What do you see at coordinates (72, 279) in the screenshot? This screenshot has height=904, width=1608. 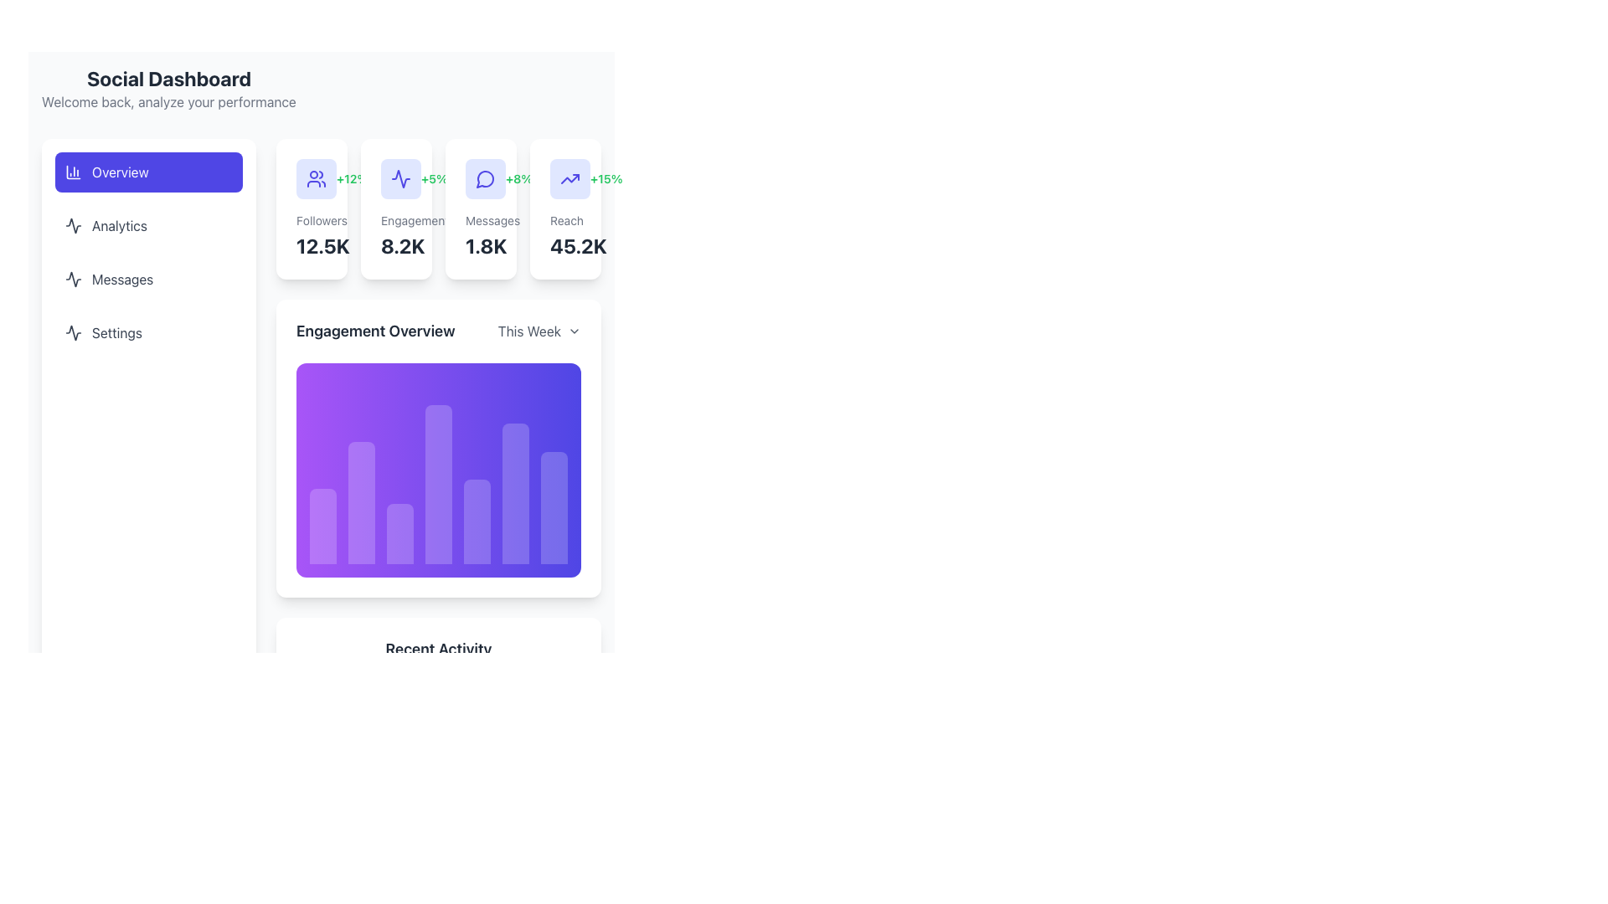 I see `the zigzag activity signal graph icon located in the sidebar navigation menu, positioned to the left of the 'Messages' text` at bounding box center [72, 279].